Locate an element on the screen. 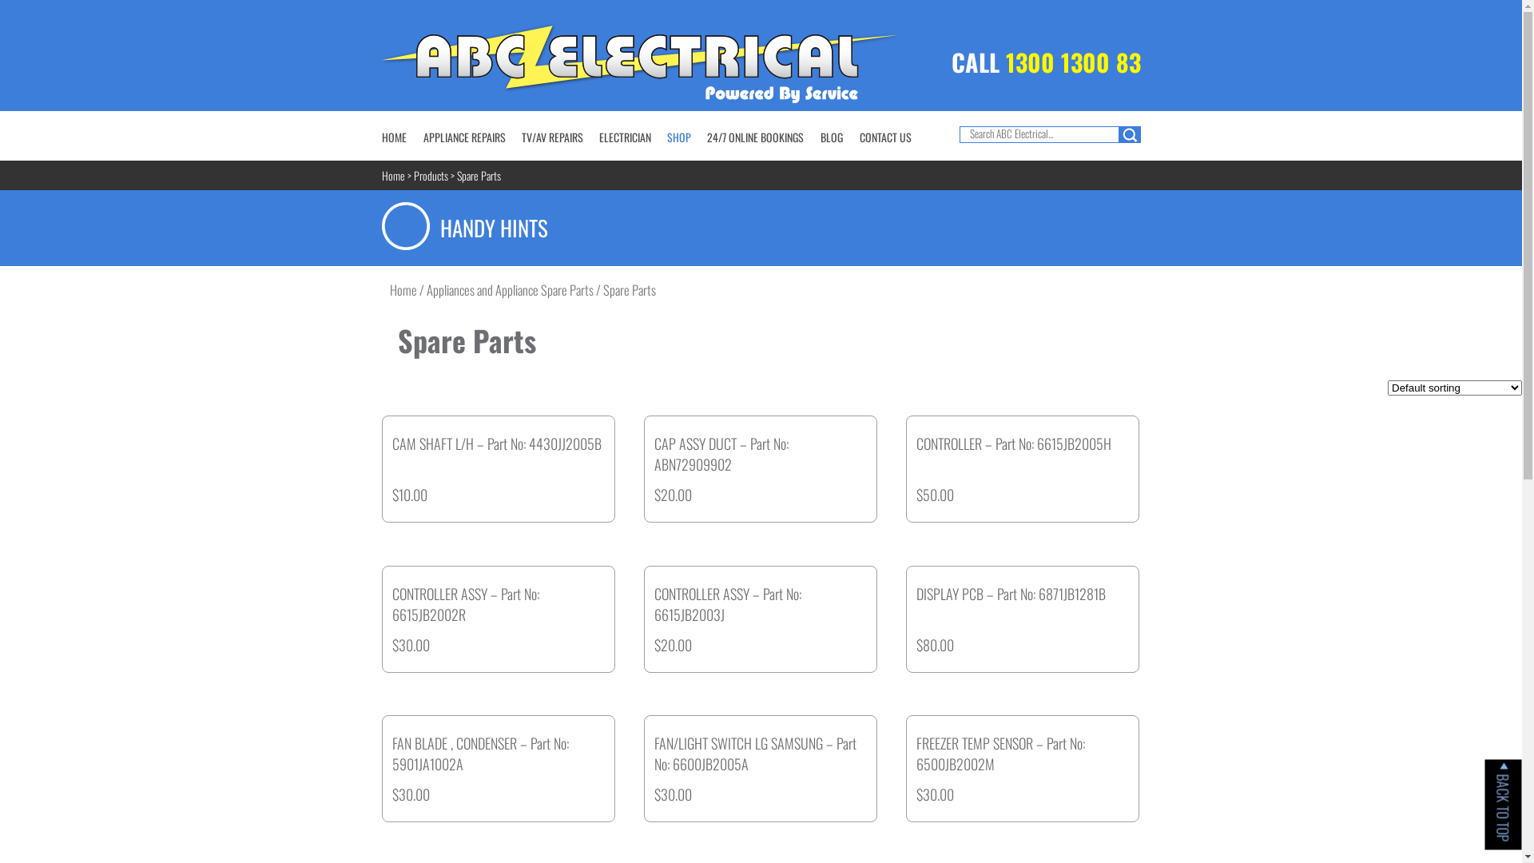 This screenshot has height=863, width=1534. 'Products' is located at coordinates (414, 175).